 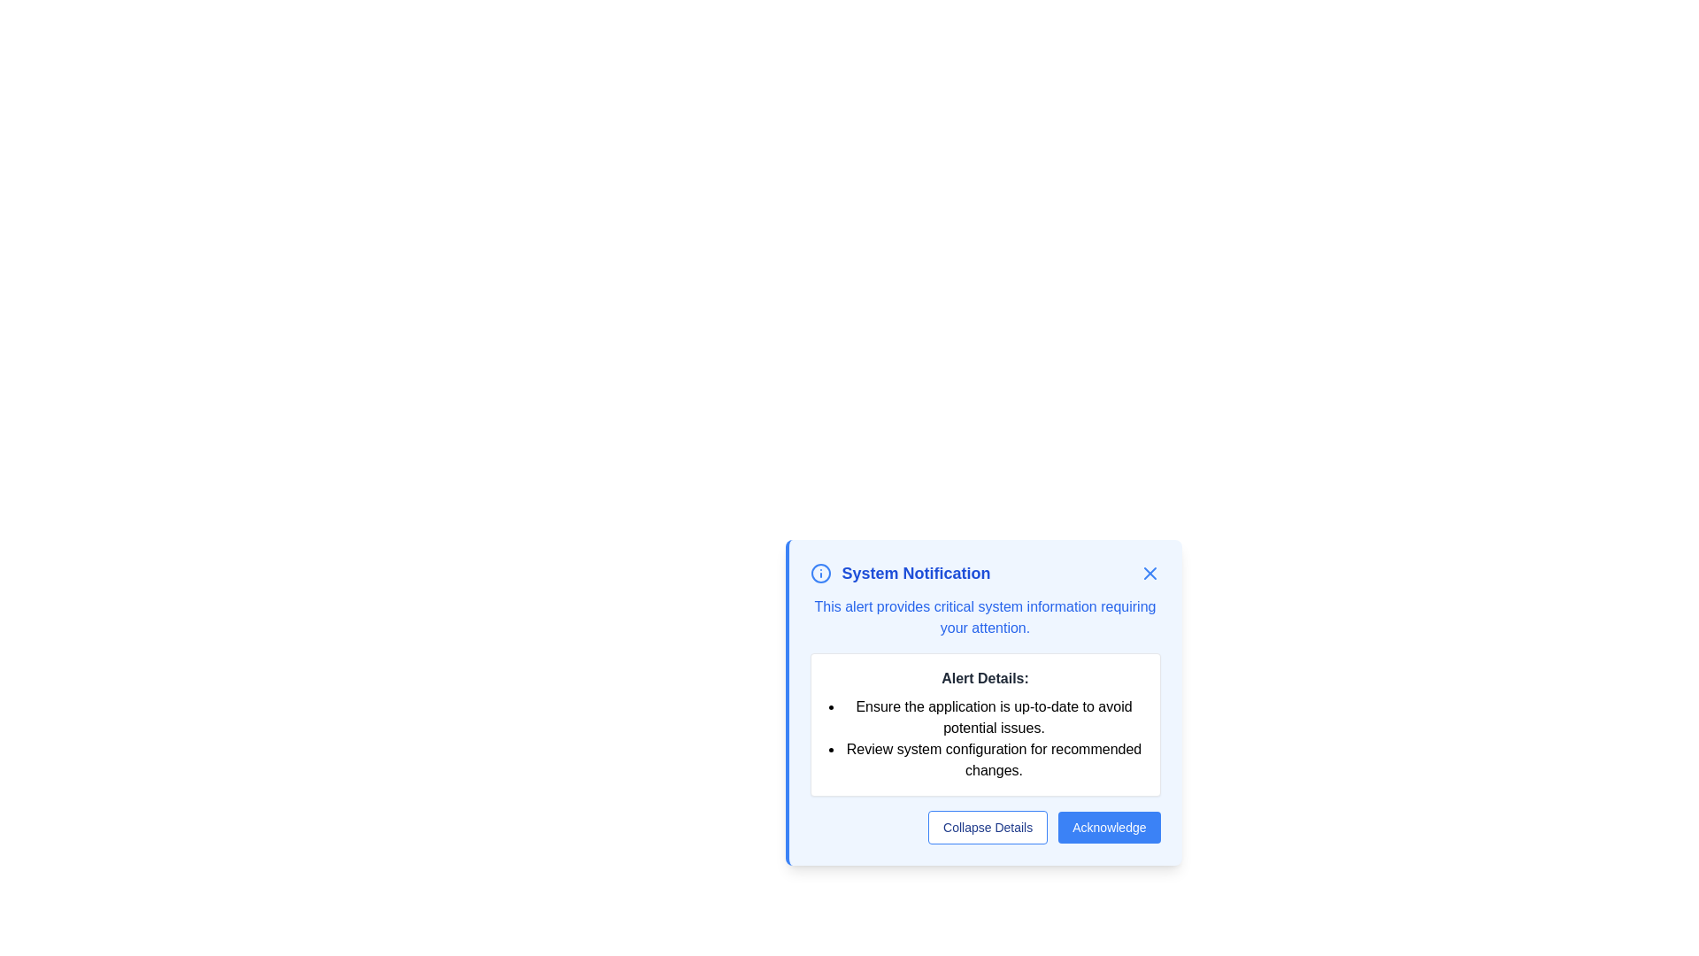 I want to click on the static text element stating 'Review system configuration for recommended changes.' which is the second bullet point in the 'Alert Details' section of the system notification interface, so click(x=994, y=759).